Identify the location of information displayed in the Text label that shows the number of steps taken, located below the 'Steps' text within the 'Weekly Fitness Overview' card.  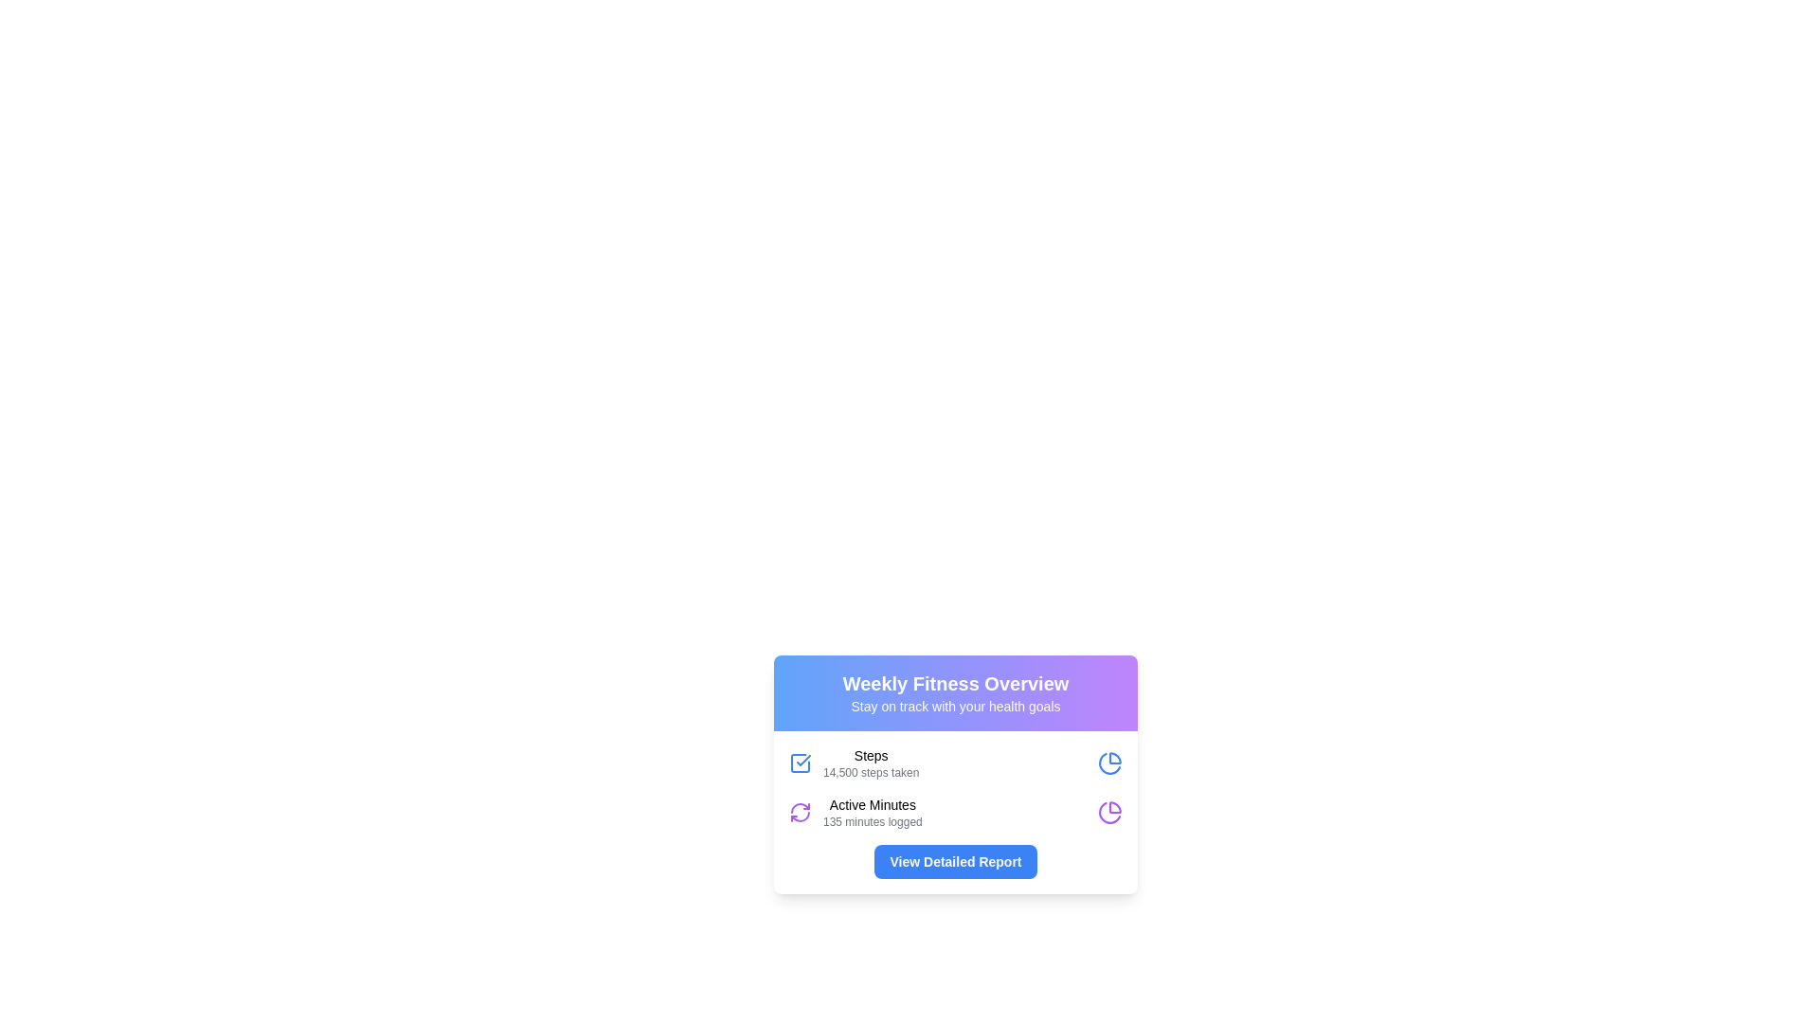
(870, 773).